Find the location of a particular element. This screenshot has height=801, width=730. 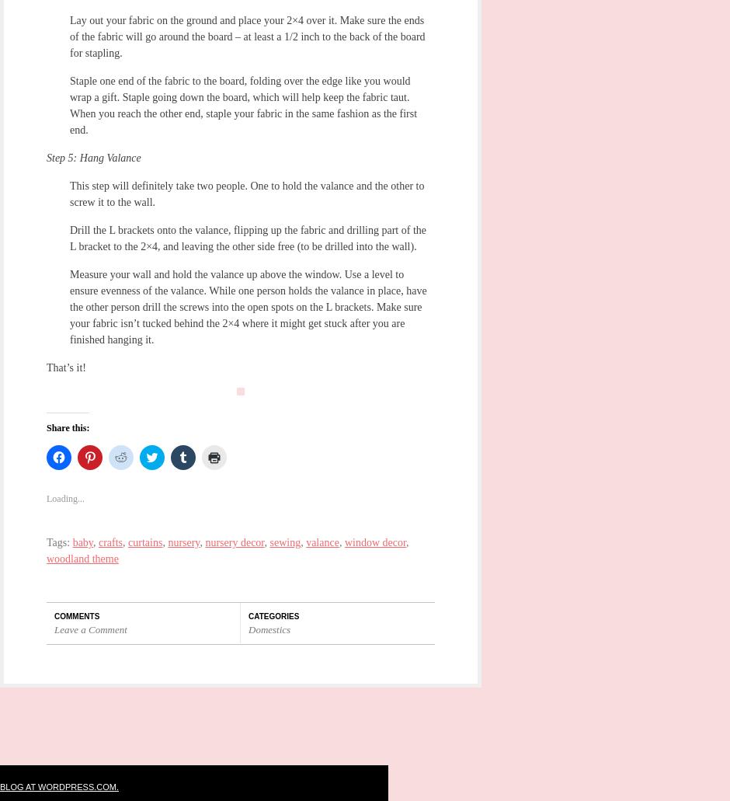

'Loading...' is located at coordinates (45, 499).